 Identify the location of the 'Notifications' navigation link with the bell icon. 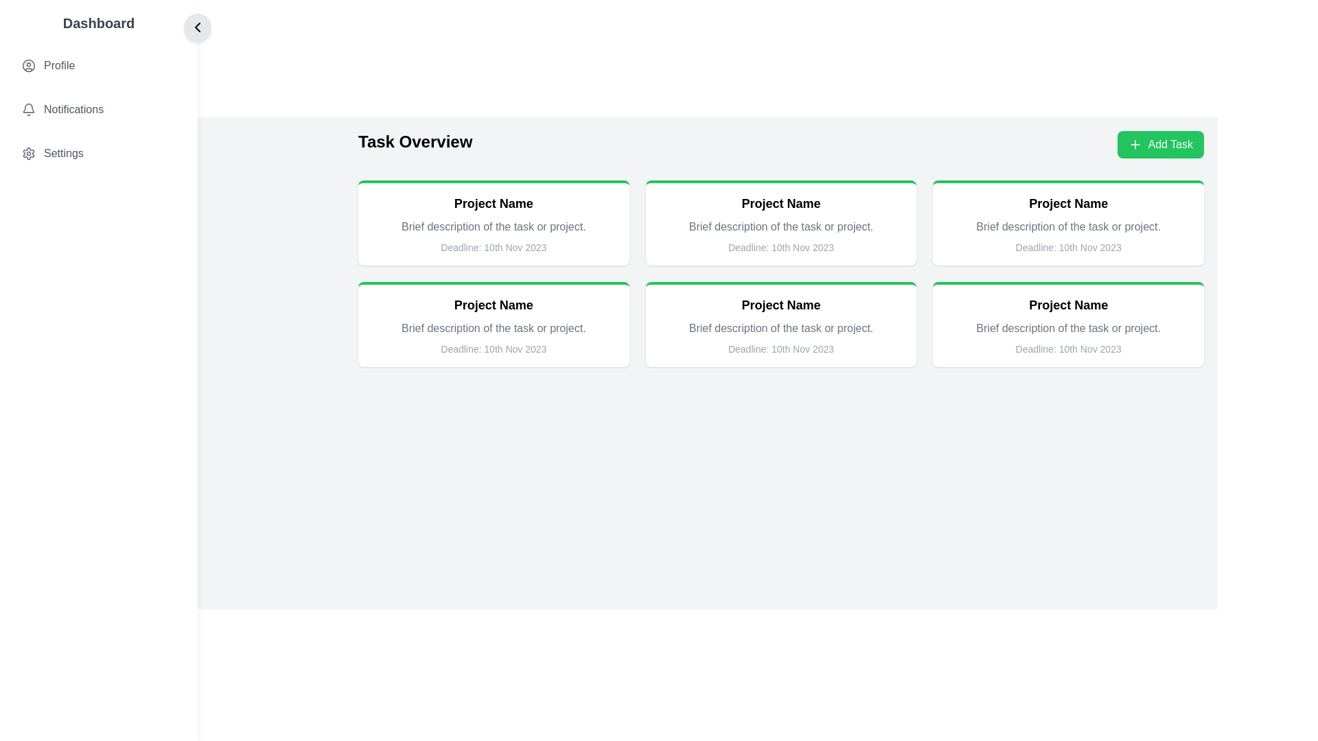
(98, 108).